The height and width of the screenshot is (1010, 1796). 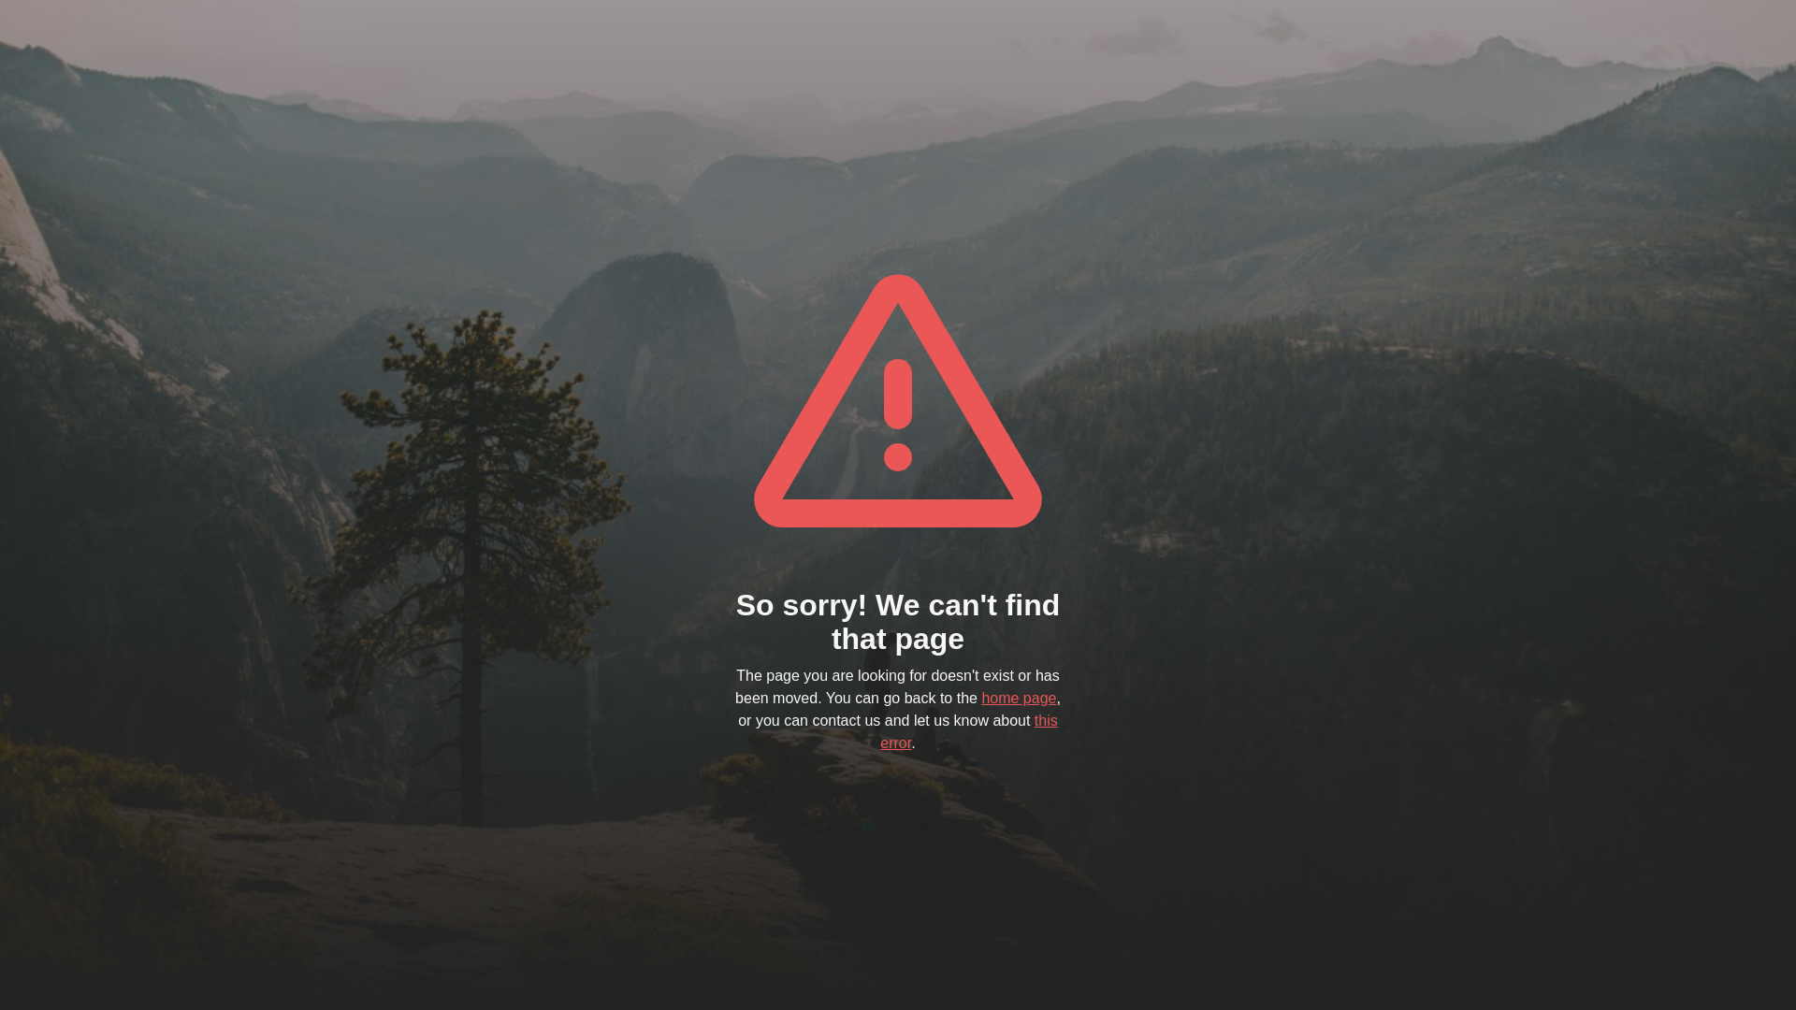 What do you see at coordinates (1018, 698) in the screenshot?
I see `'home page'` at bounding box center [1018, 698].